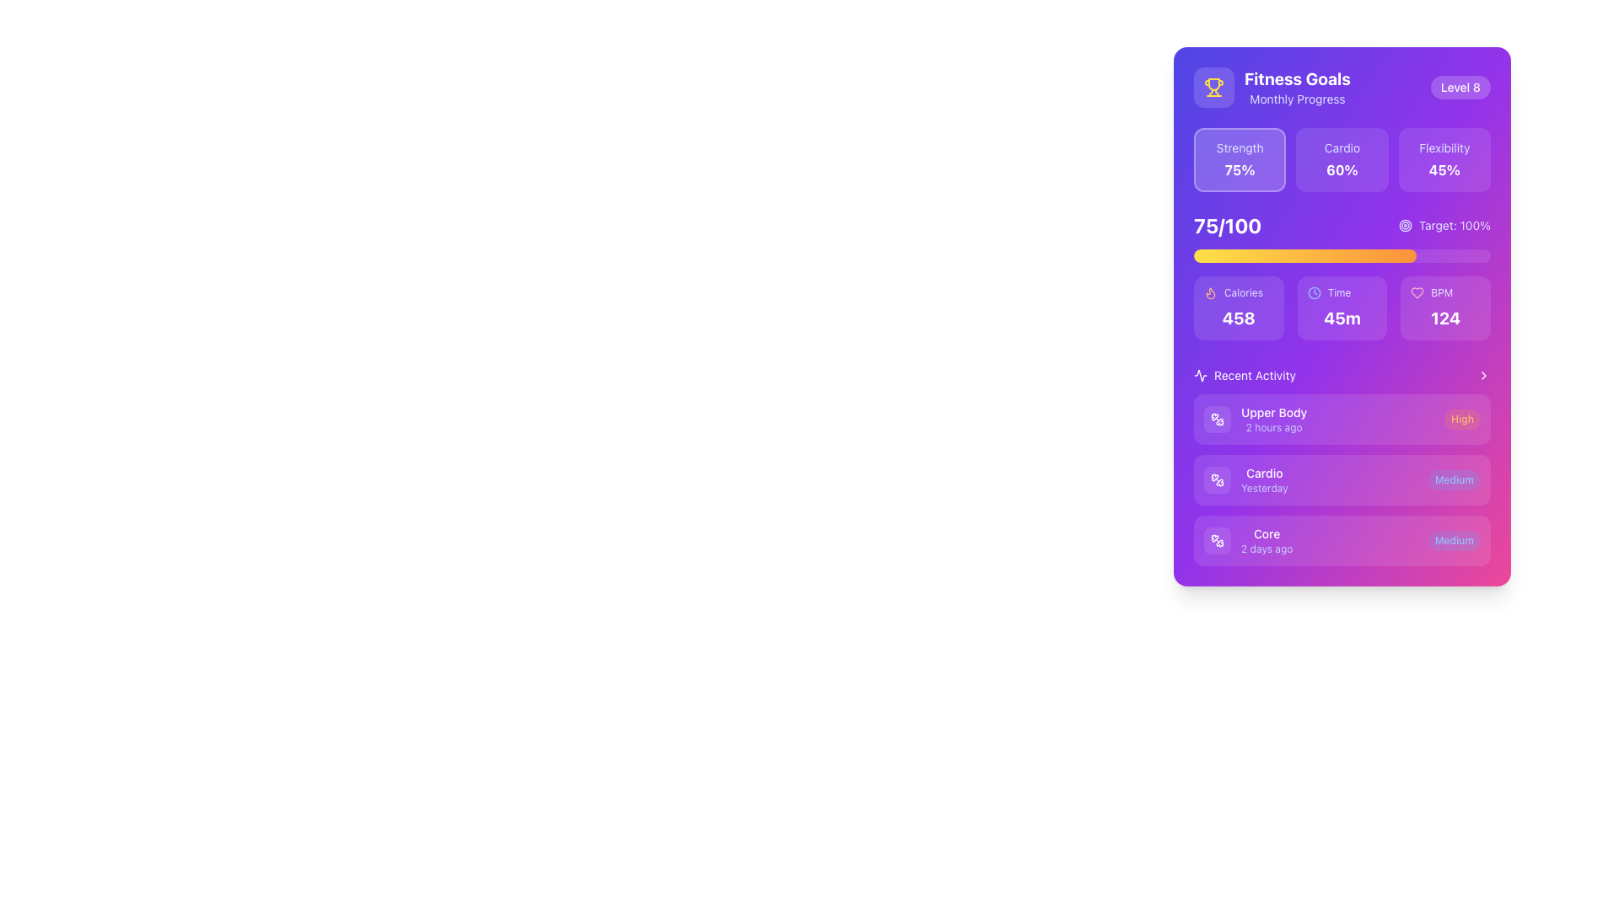 The width and height of the screenshot is (1619, 910). I want to click on the descriptive subtitle text label located below the 'Fitness Goals' title in the card layout, so click(1296, 99).